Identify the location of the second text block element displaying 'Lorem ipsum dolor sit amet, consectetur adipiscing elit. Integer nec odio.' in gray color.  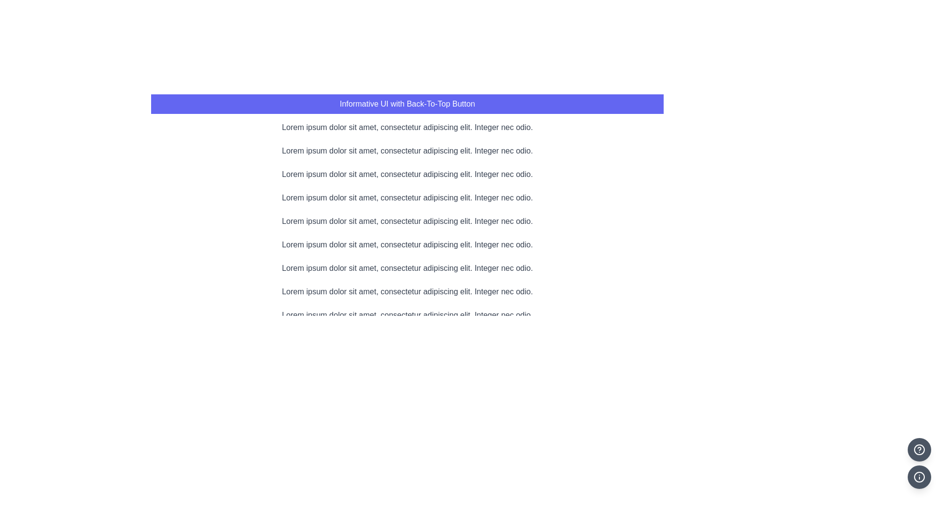
(407, 151).